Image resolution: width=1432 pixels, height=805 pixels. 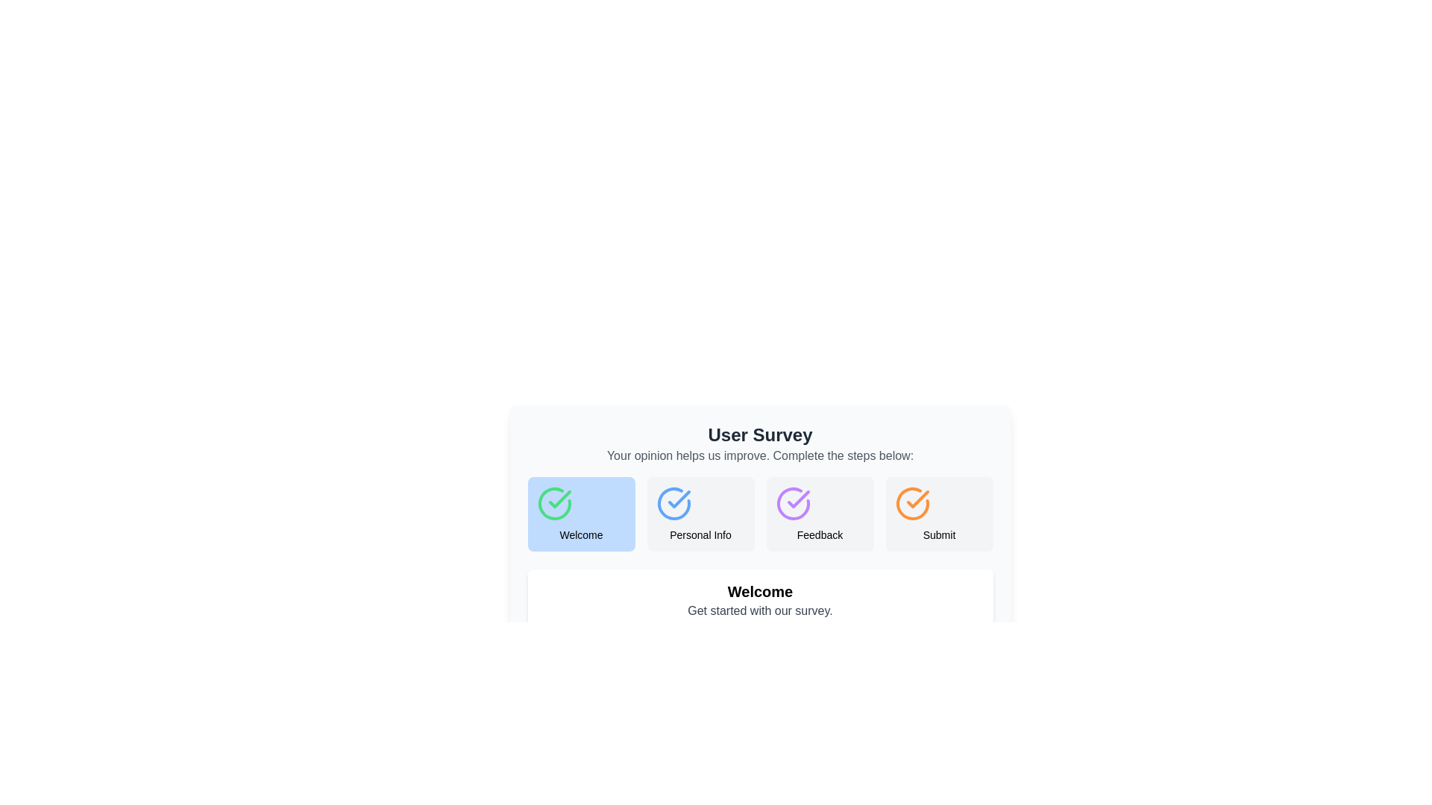 What do you see at coordinates (580, 514) in the screenshot?
I see `the 'Welcome' button-like decorative UI component that serves as the first step in the user survey` at bounding box center [580, 514].